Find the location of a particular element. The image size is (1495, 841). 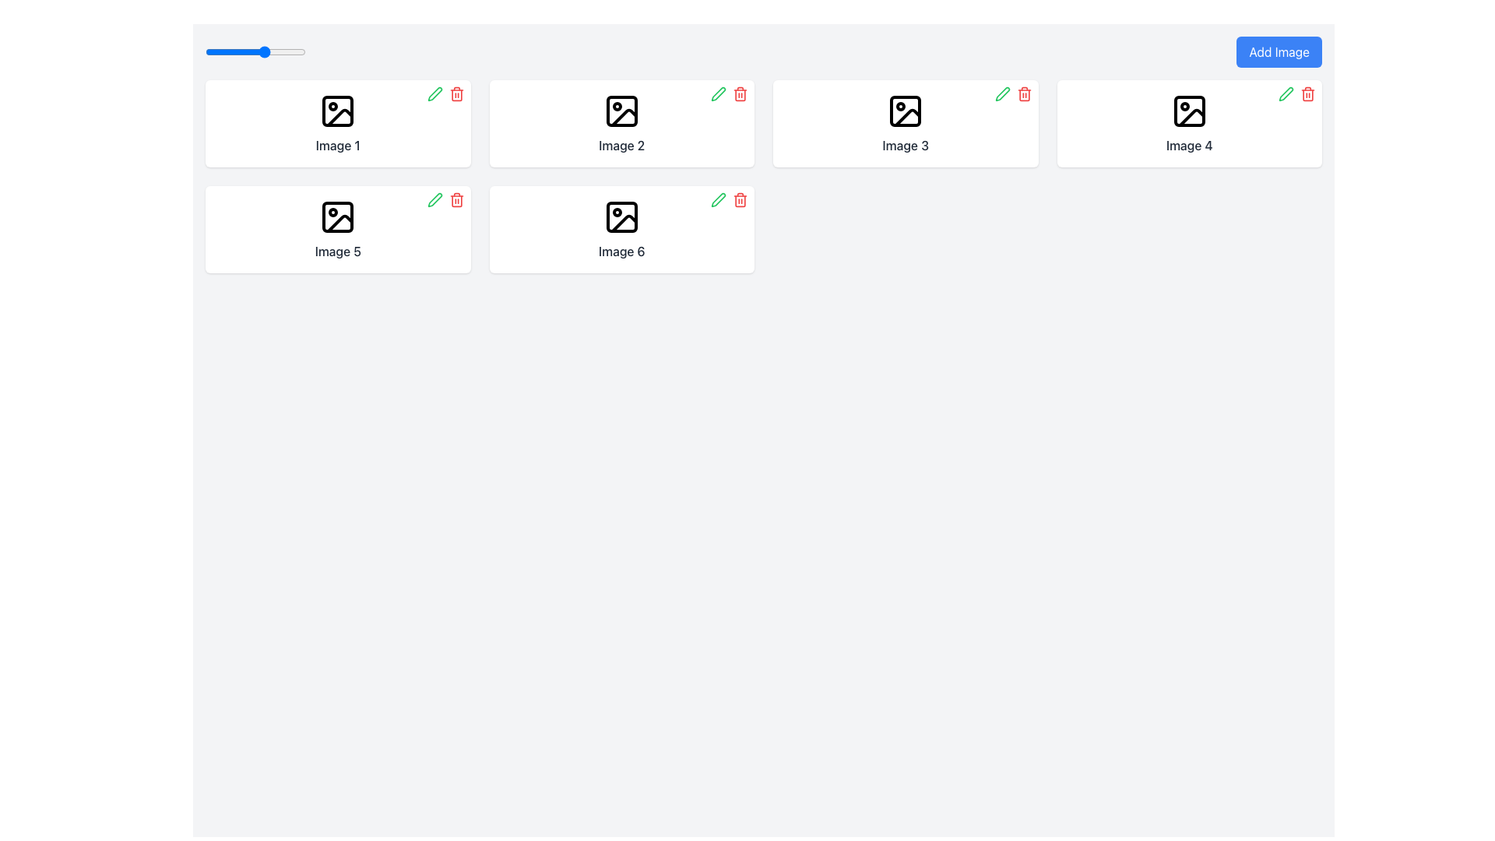

the largest rectangular component of the SVG image icon labeled 'Image 3', located in the upper center of the grid card is located at coordinates (906, 110).